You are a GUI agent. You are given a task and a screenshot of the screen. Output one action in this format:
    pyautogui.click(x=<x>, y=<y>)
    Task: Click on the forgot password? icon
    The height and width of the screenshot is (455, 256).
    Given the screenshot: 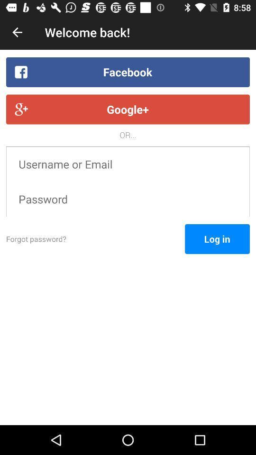 What is the action you would take?
    pyautogui.click(x=95, y=238)
    